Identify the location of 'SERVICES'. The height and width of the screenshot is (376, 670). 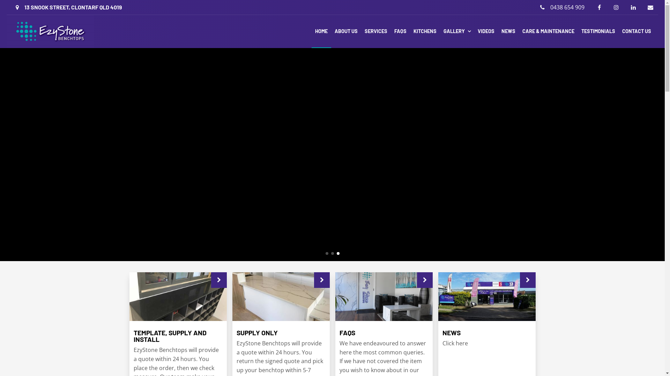
(375, 31).